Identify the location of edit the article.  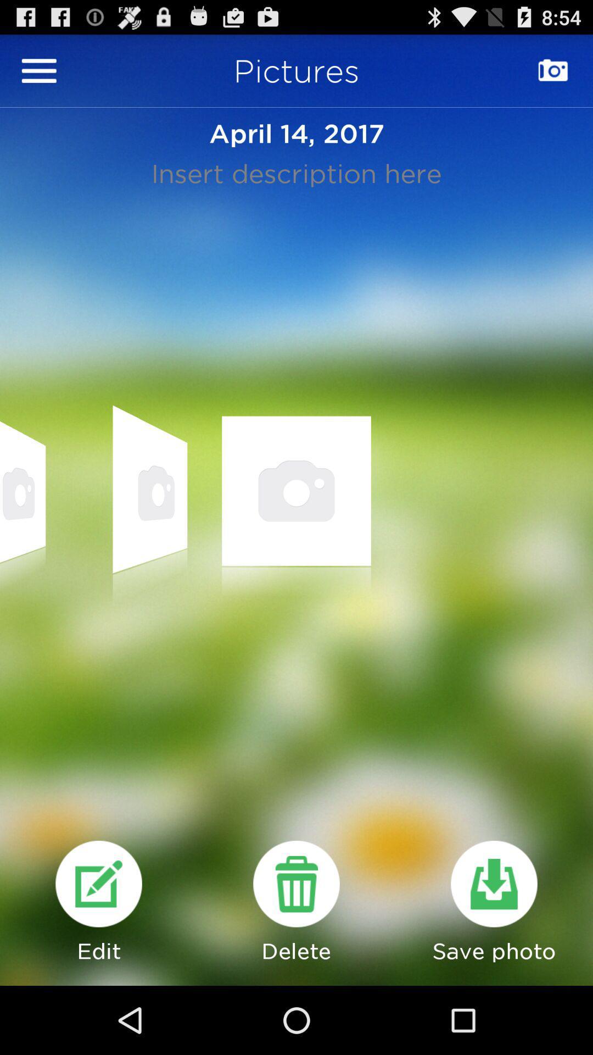
(99, 884).